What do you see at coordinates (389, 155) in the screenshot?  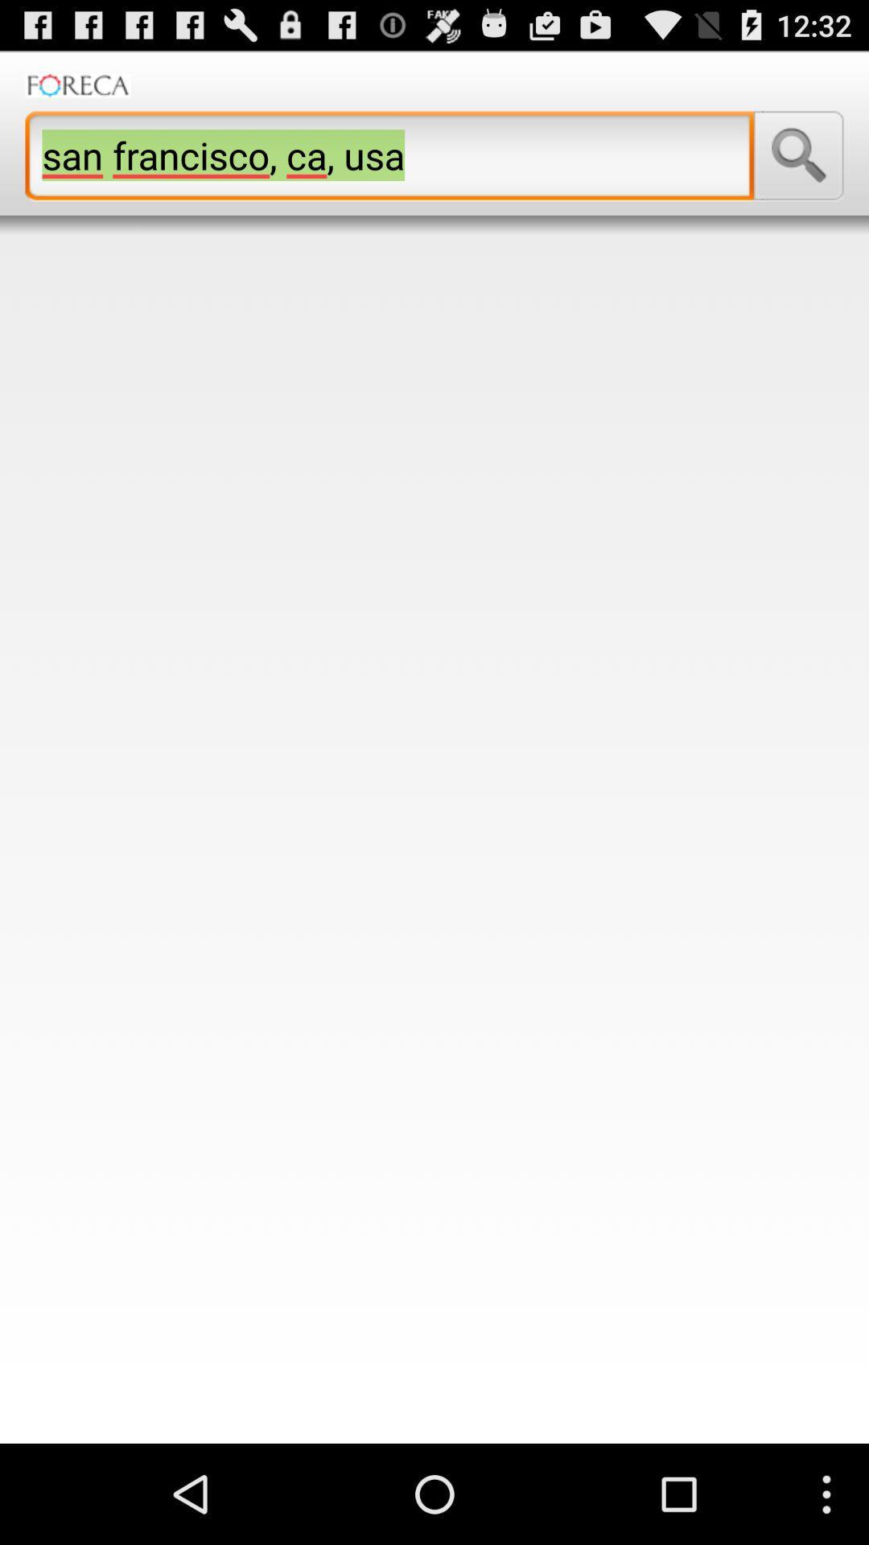 I see `the san francisco ca` at bounding box center [389, 155].